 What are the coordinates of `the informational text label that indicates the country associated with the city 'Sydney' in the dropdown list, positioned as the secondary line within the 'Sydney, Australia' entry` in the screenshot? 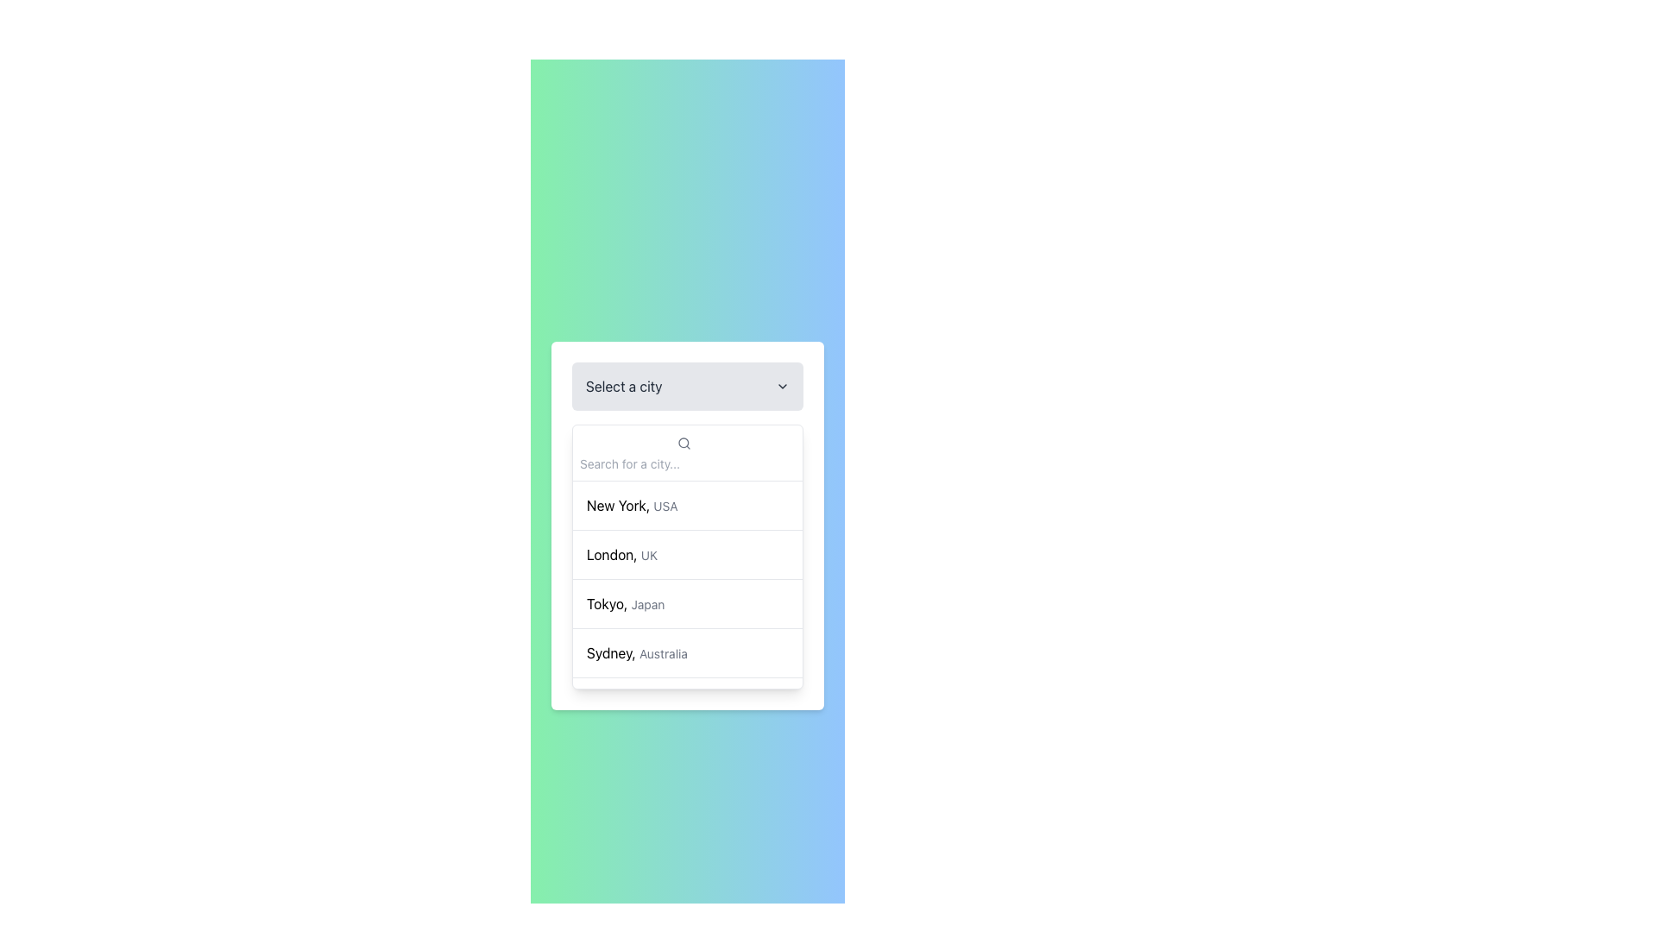 It's located at (662, 652).